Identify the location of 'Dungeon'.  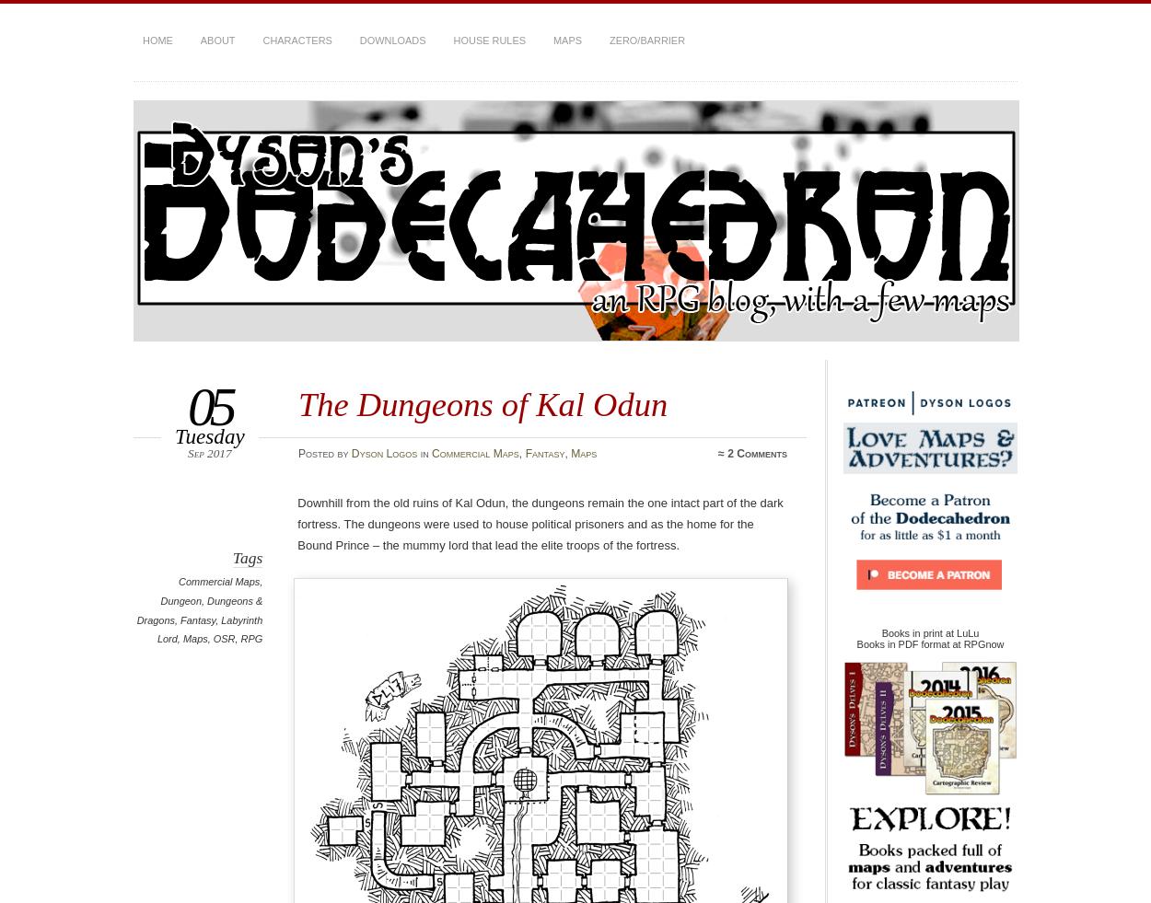
(180, 599).